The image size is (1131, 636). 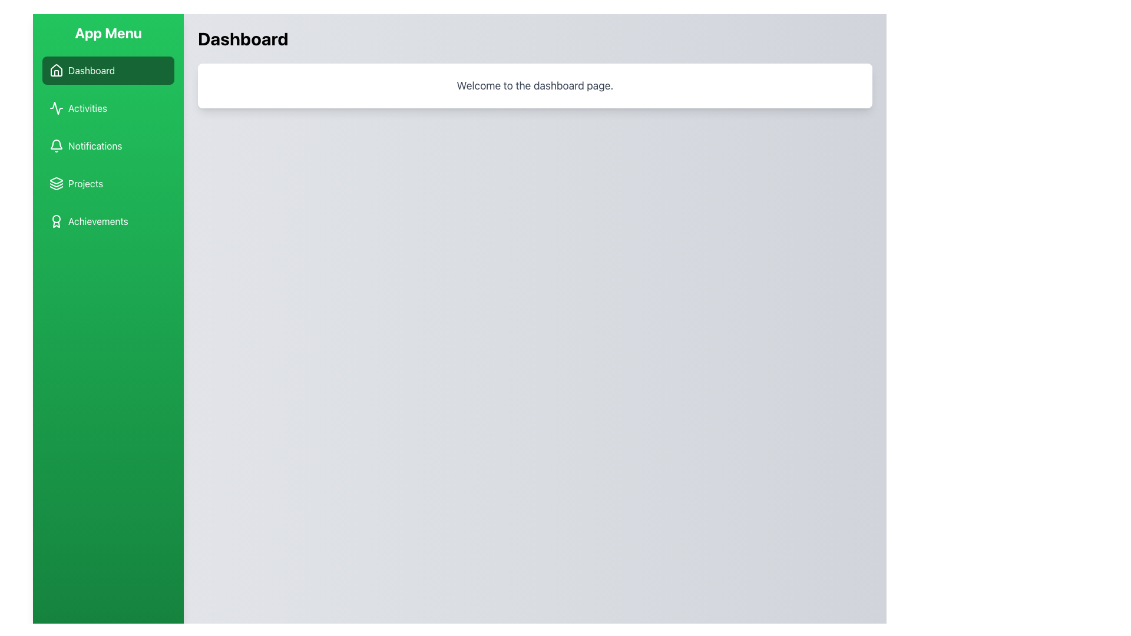 I want to click on the 'Achievements' text label in the left-hand vertical menu, which is styled with white text on a green background and is the fifth item in the menu, so click(x=98, y=221).